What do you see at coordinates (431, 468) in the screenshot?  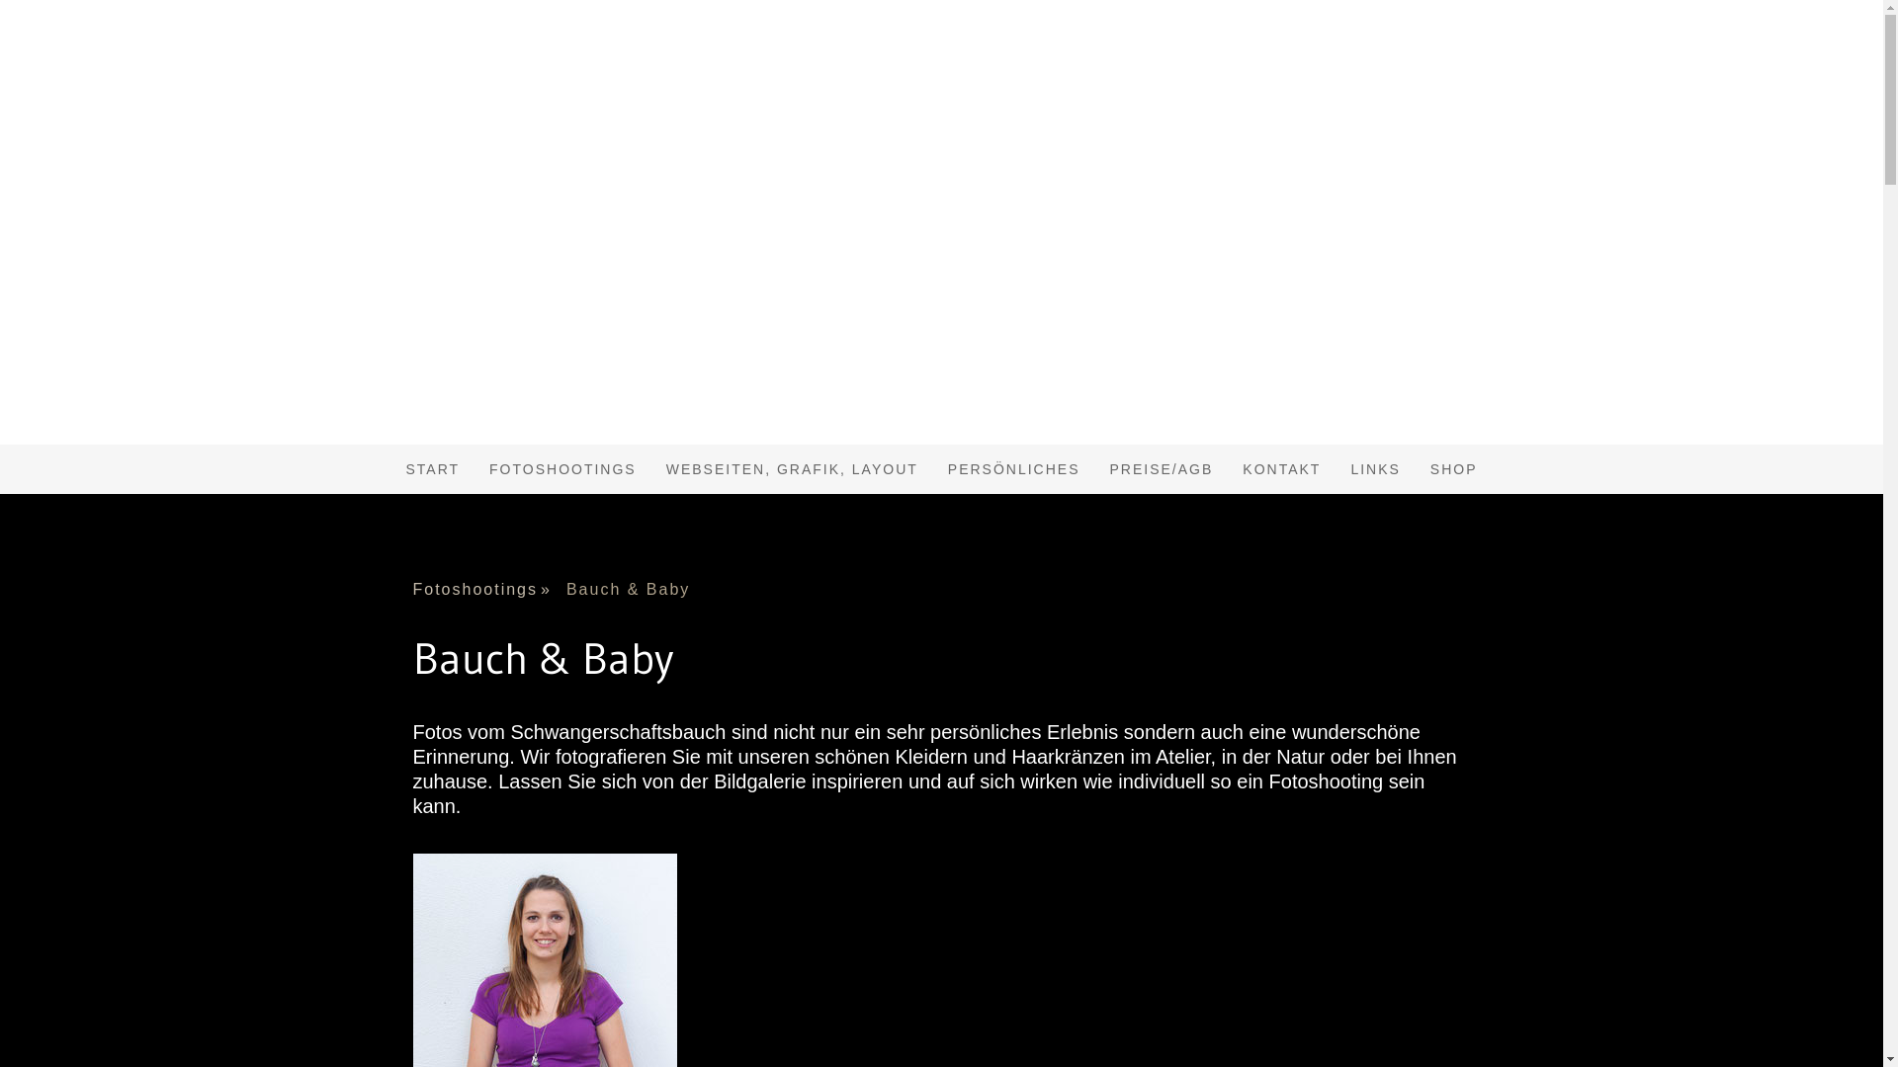 I see `'START'` at bounding box center [431, 468].